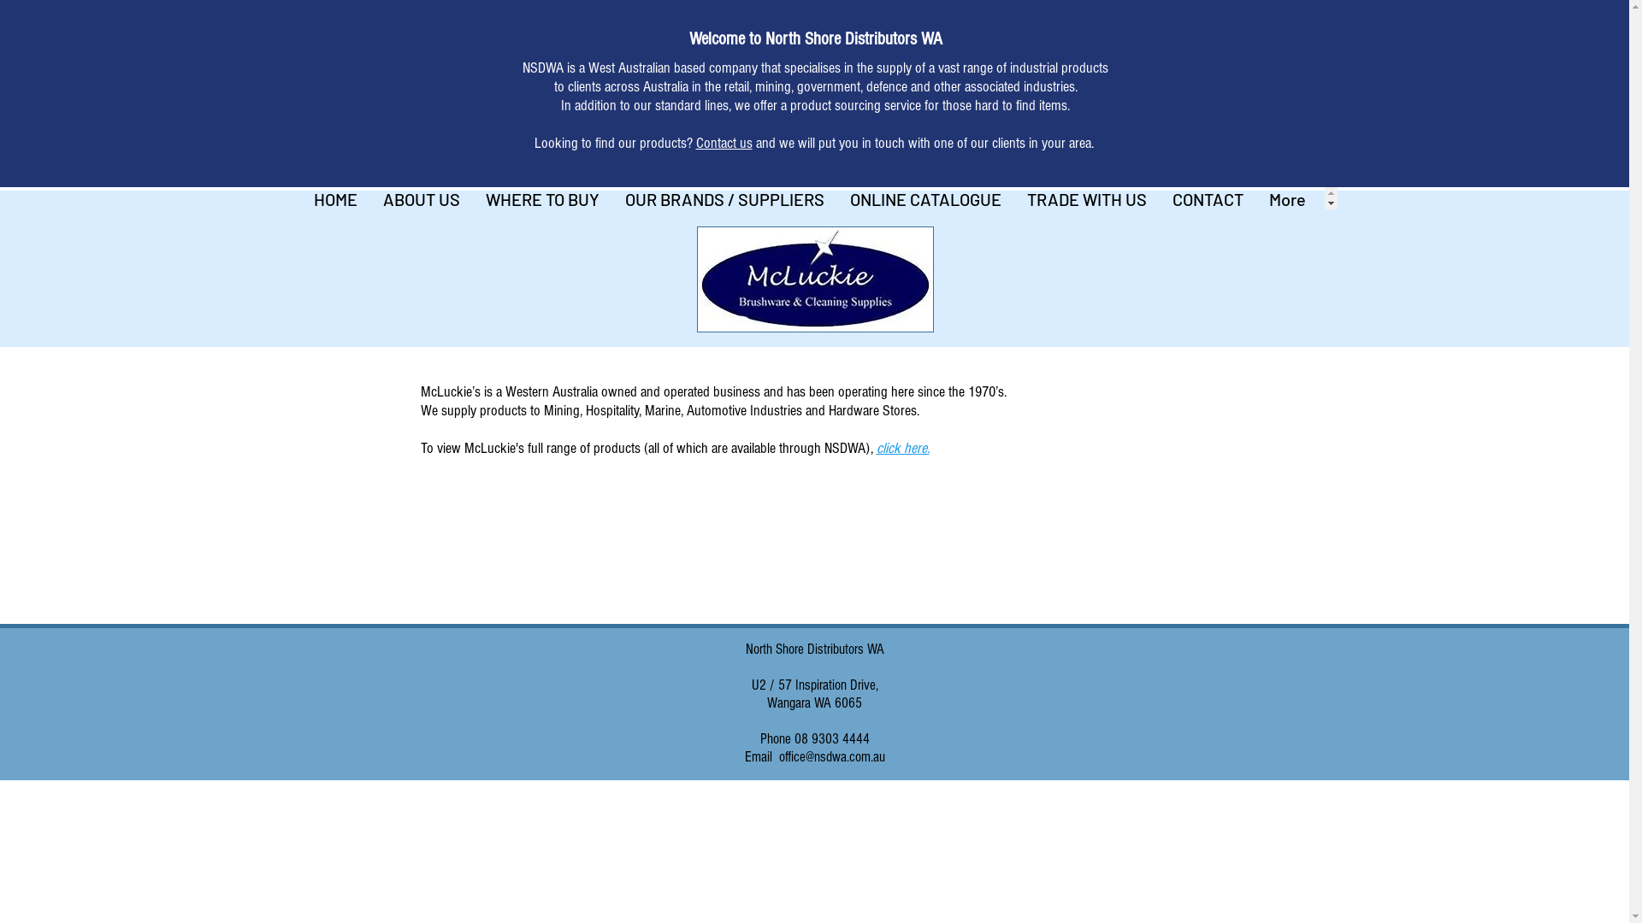 The height and width of the screenshot is (923, 1642). Describe the element at coordinates (924, 197) in the screenshot. I see `'ONLINE CATALOGUE'` at that location.